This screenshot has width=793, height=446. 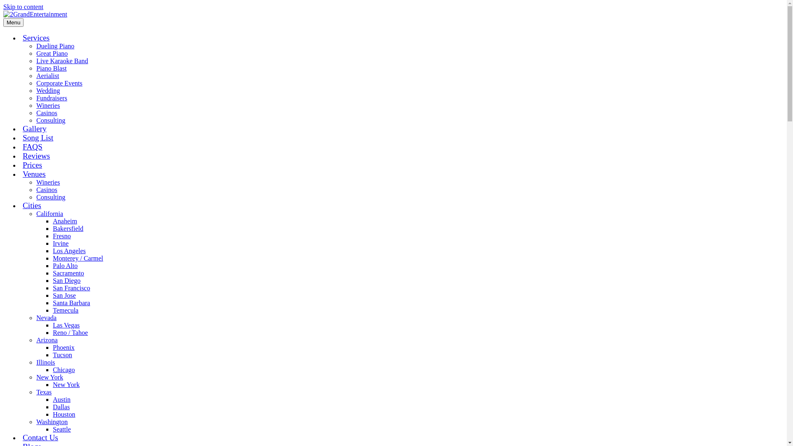 I want to click on 'New York', so click(x=66, y=384).